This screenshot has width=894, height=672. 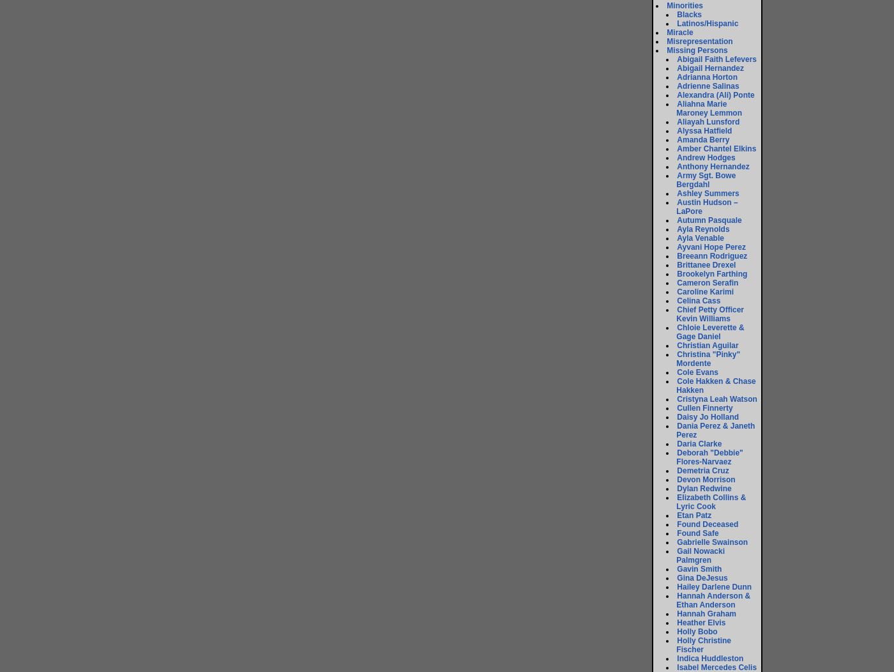 I want to click on 'Daria Clarke', so click(x=699, y=443).